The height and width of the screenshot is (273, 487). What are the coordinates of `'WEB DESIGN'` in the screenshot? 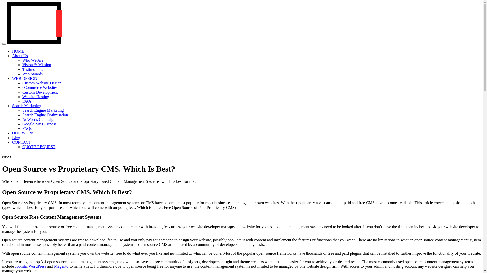 It's located at (12, 78).